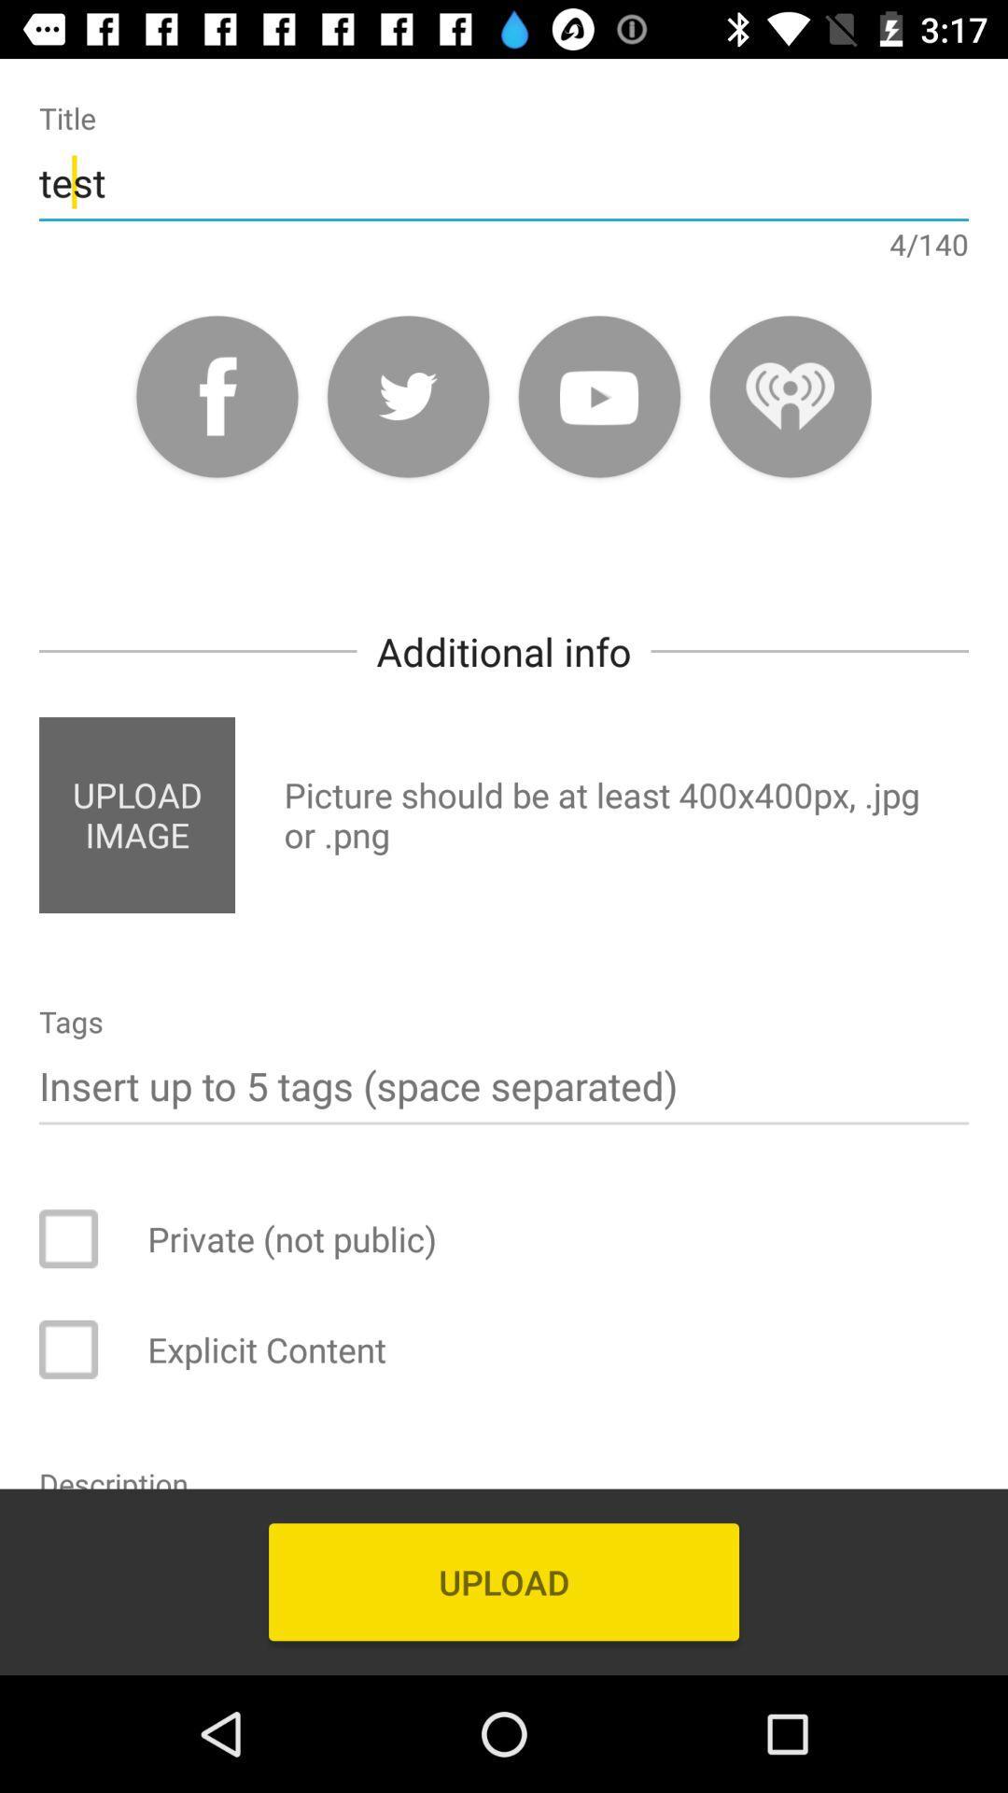  I want to click on post to twitter, so click(407, 395).